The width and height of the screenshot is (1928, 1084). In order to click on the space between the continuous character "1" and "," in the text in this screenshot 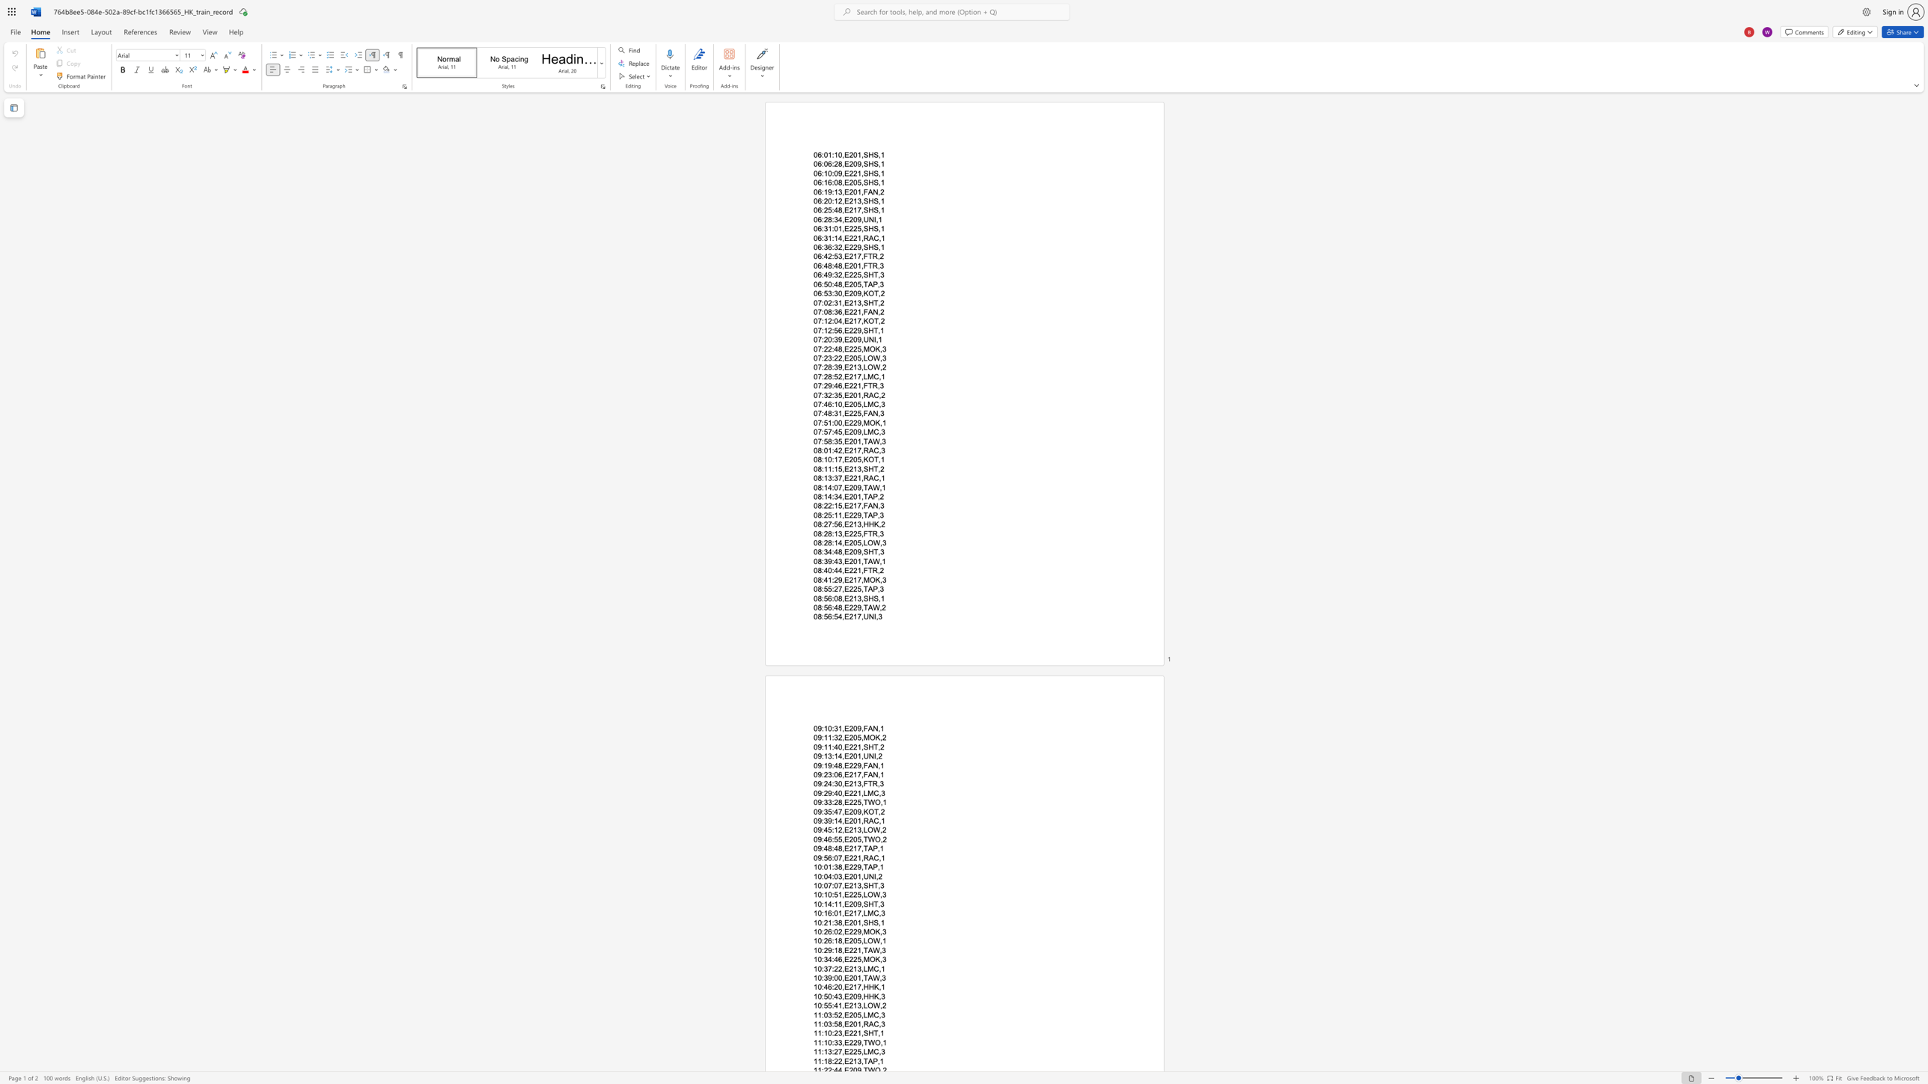, I will do `click(841, 913)`.